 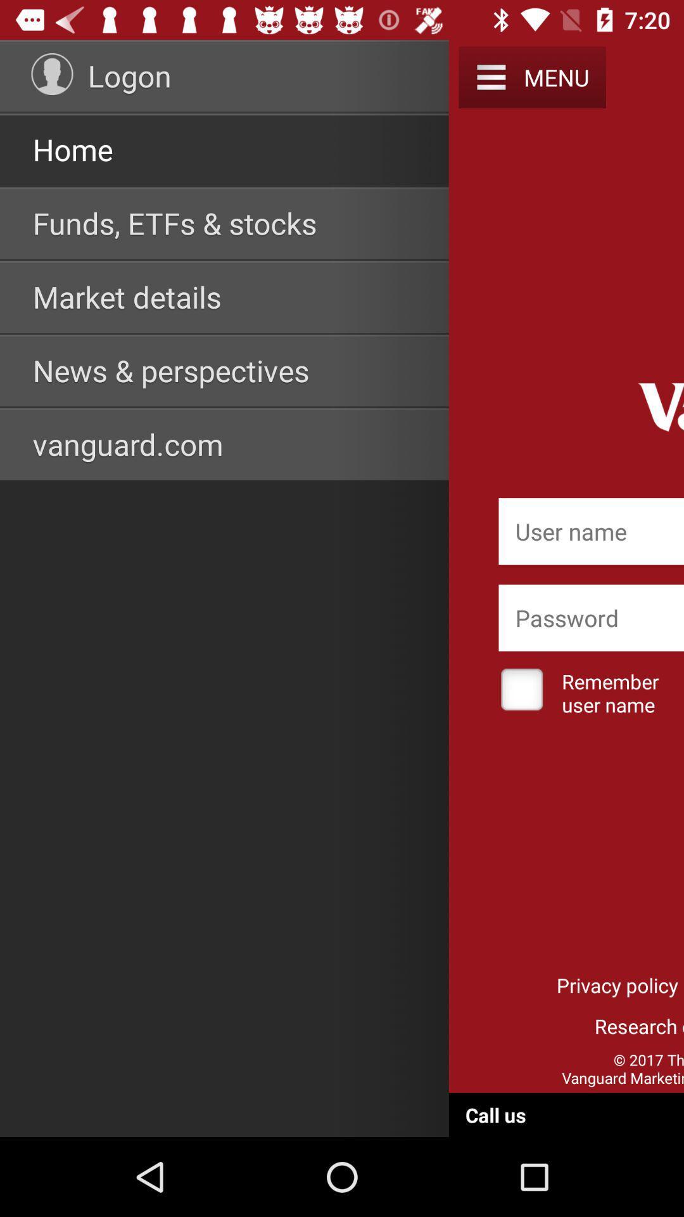 I want to click on logon, so click(x=129, y=75).